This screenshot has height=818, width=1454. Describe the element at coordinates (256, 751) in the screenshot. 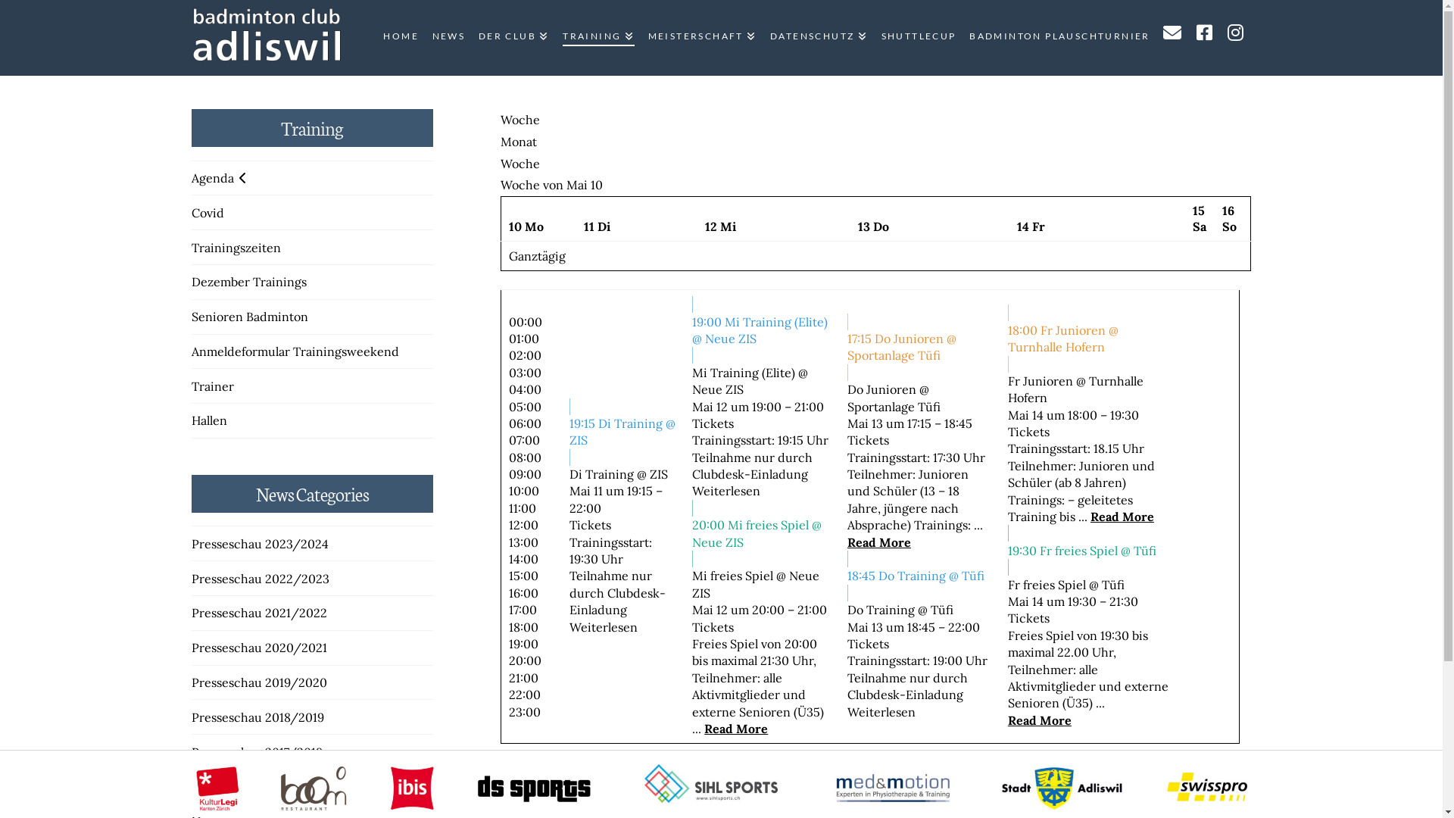

I see `'Presseschau 2017/2018'` at that location.